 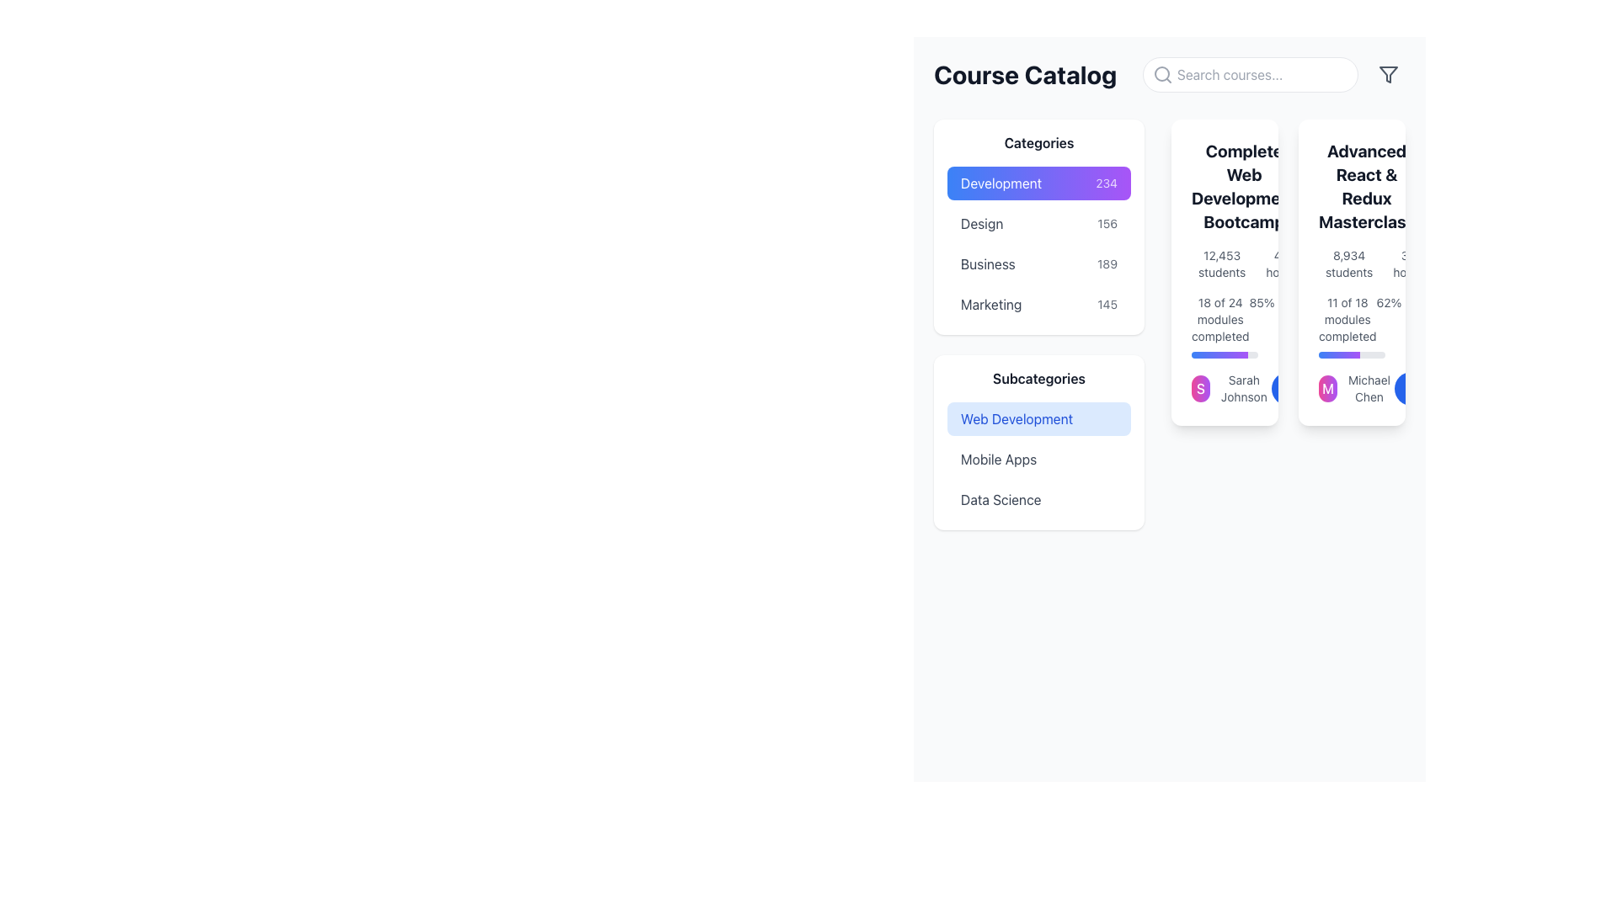 What do you see at coordinates (1352, 320) in the screenshot?
I see `the text label displaying the status of completed modules and progress percentage, which shows '11 of 18 modules completed' and '62%', located in the detailed section of the course card` at bounding box center [1352, 320].